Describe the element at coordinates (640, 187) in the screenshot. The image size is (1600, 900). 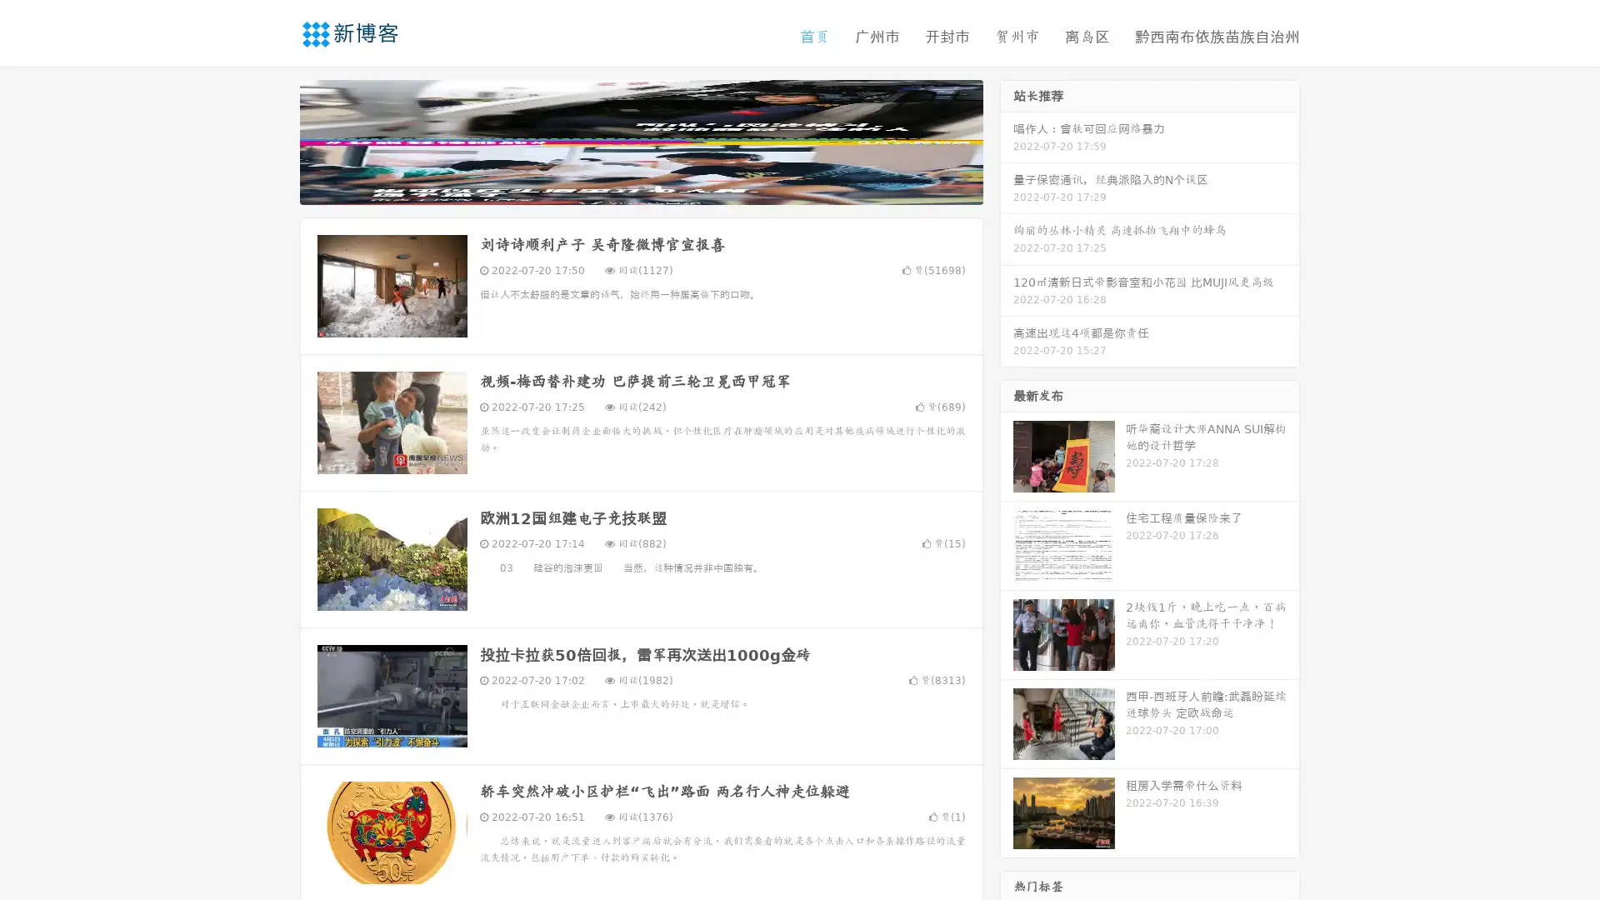
I see `Go to slide 2` at that location.